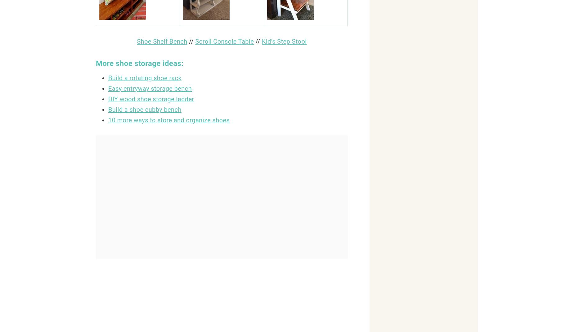 Image resolution: width=574 pixels, height=332 pixels. I want to click on 'Kid’s Step Stool', so click(284, 41).